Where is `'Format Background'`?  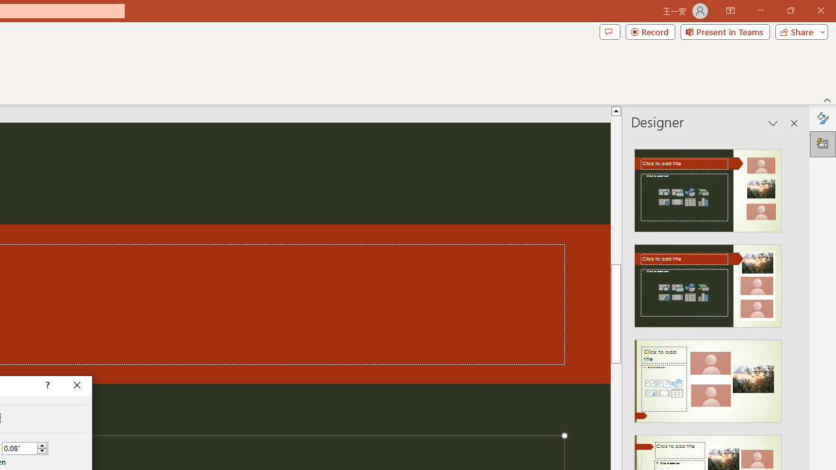 'Format Background' is located at coordinates (822, 118).